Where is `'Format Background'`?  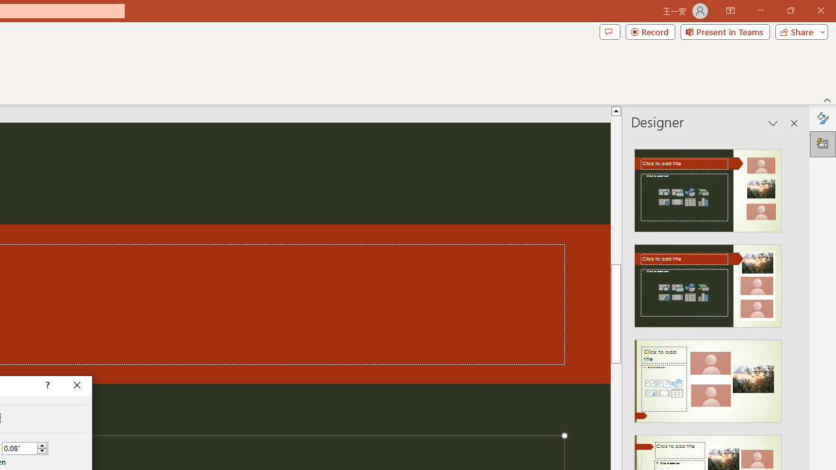 'Format Background' is located at coordinates (822, 118).